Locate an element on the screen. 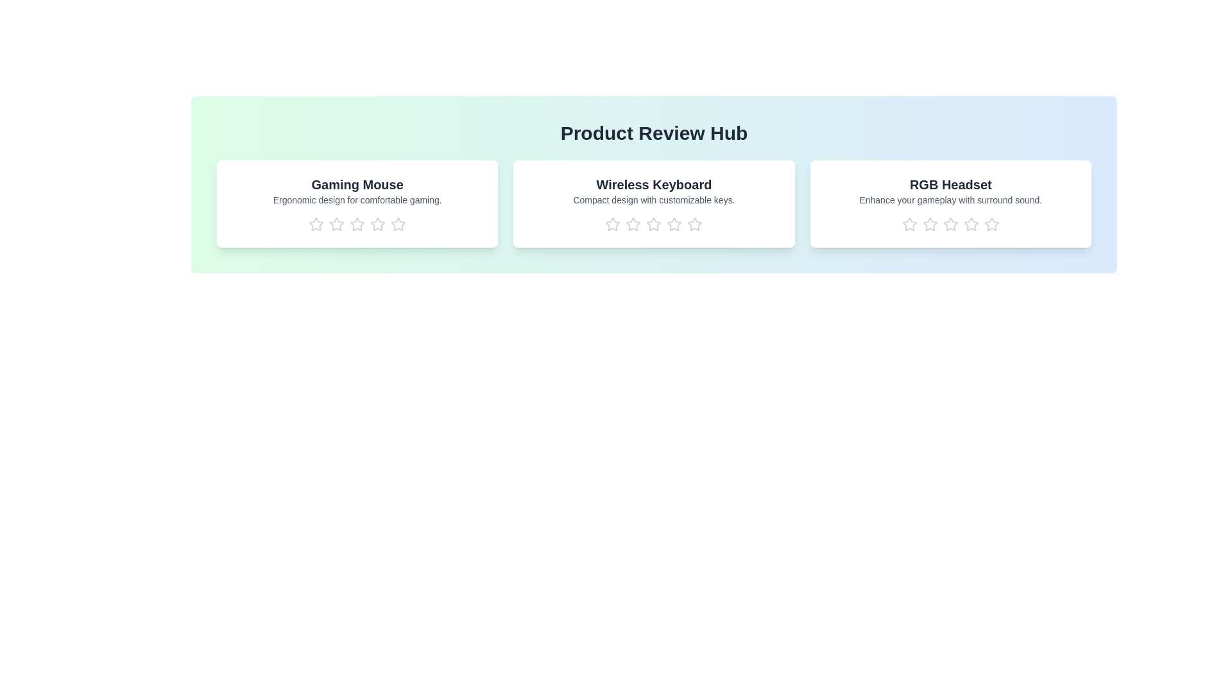 This screenshot has height=693, width=1232. the rating for a product to 1 stars is located at coordinates (316, 224).